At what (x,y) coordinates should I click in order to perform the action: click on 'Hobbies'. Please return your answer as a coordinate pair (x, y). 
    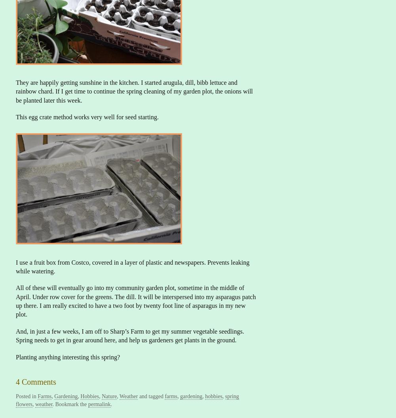
    Looking at the image, I should click on (89, 396).